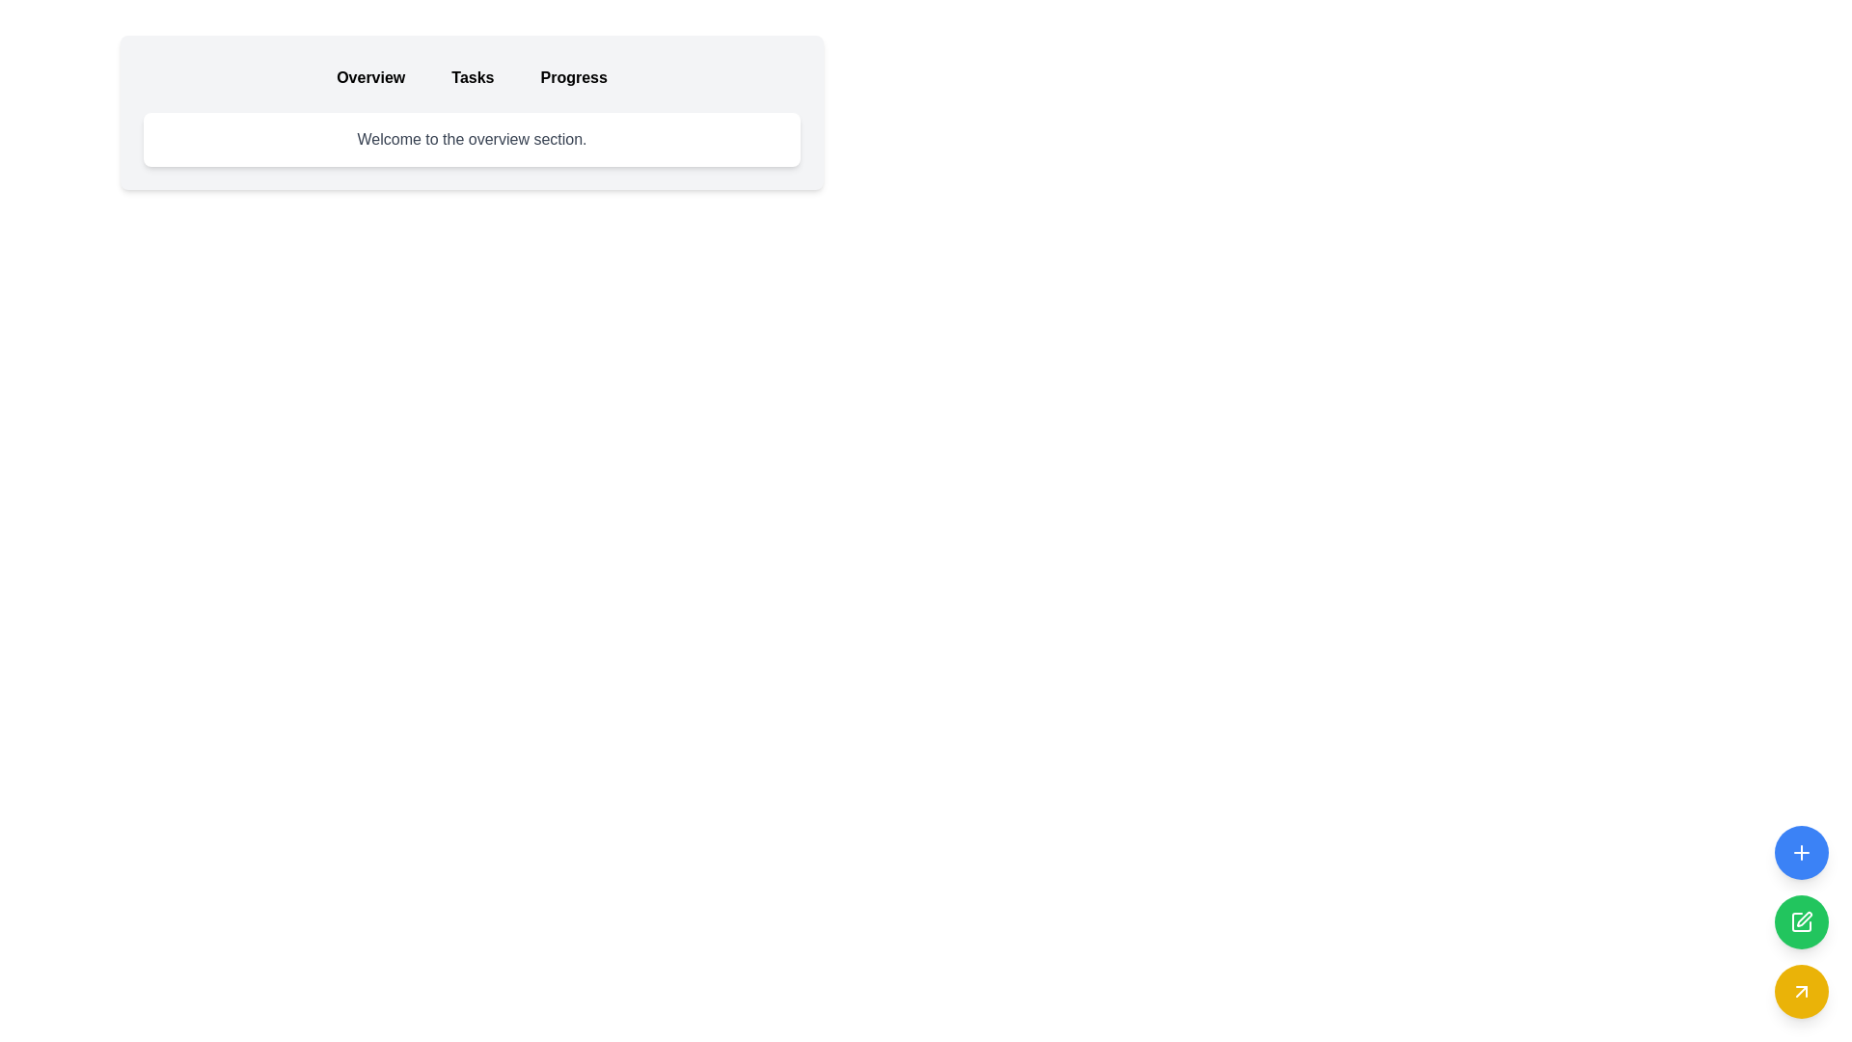 The height and width of the screenshot is (1042, 1852). Describe the element at coordinates (370, 77) in the screenshot. I see `the first button in a group of three horizontally aligned buttons` at that location.